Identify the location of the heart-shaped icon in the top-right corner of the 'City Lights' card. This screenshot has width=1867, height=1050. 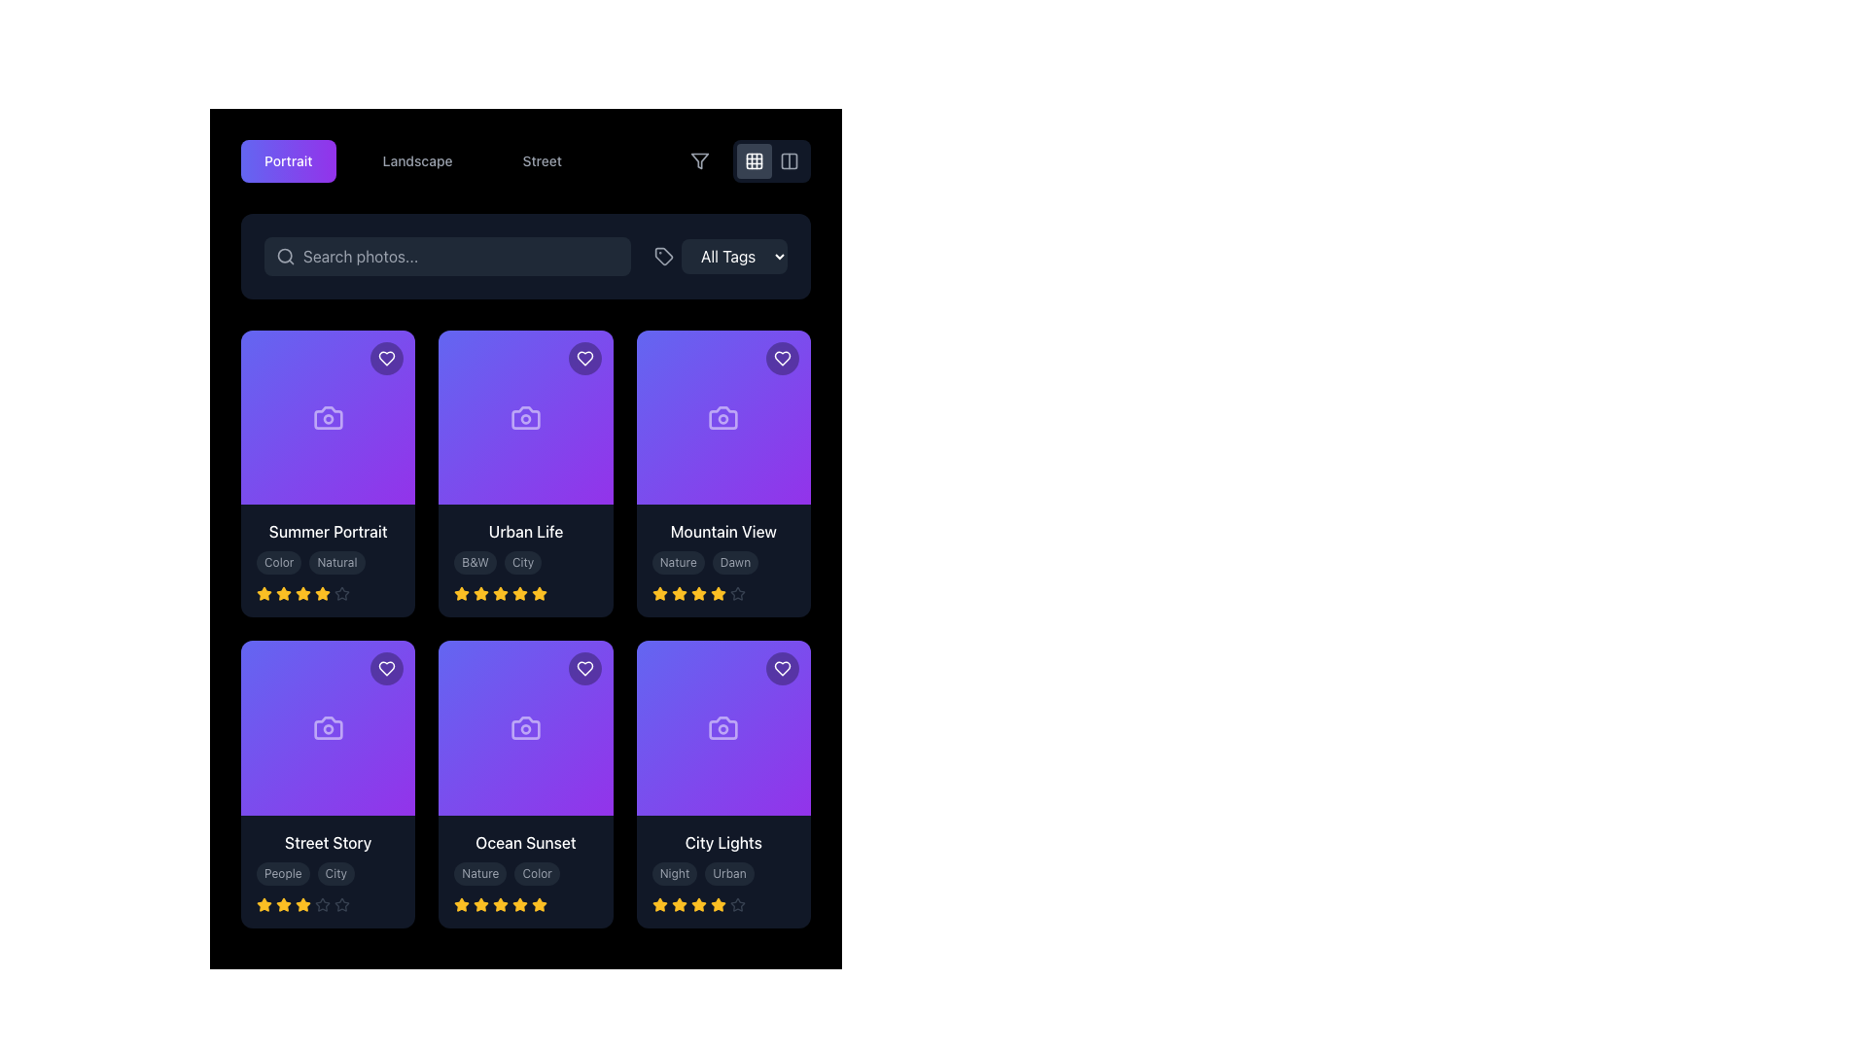
(783, 668).